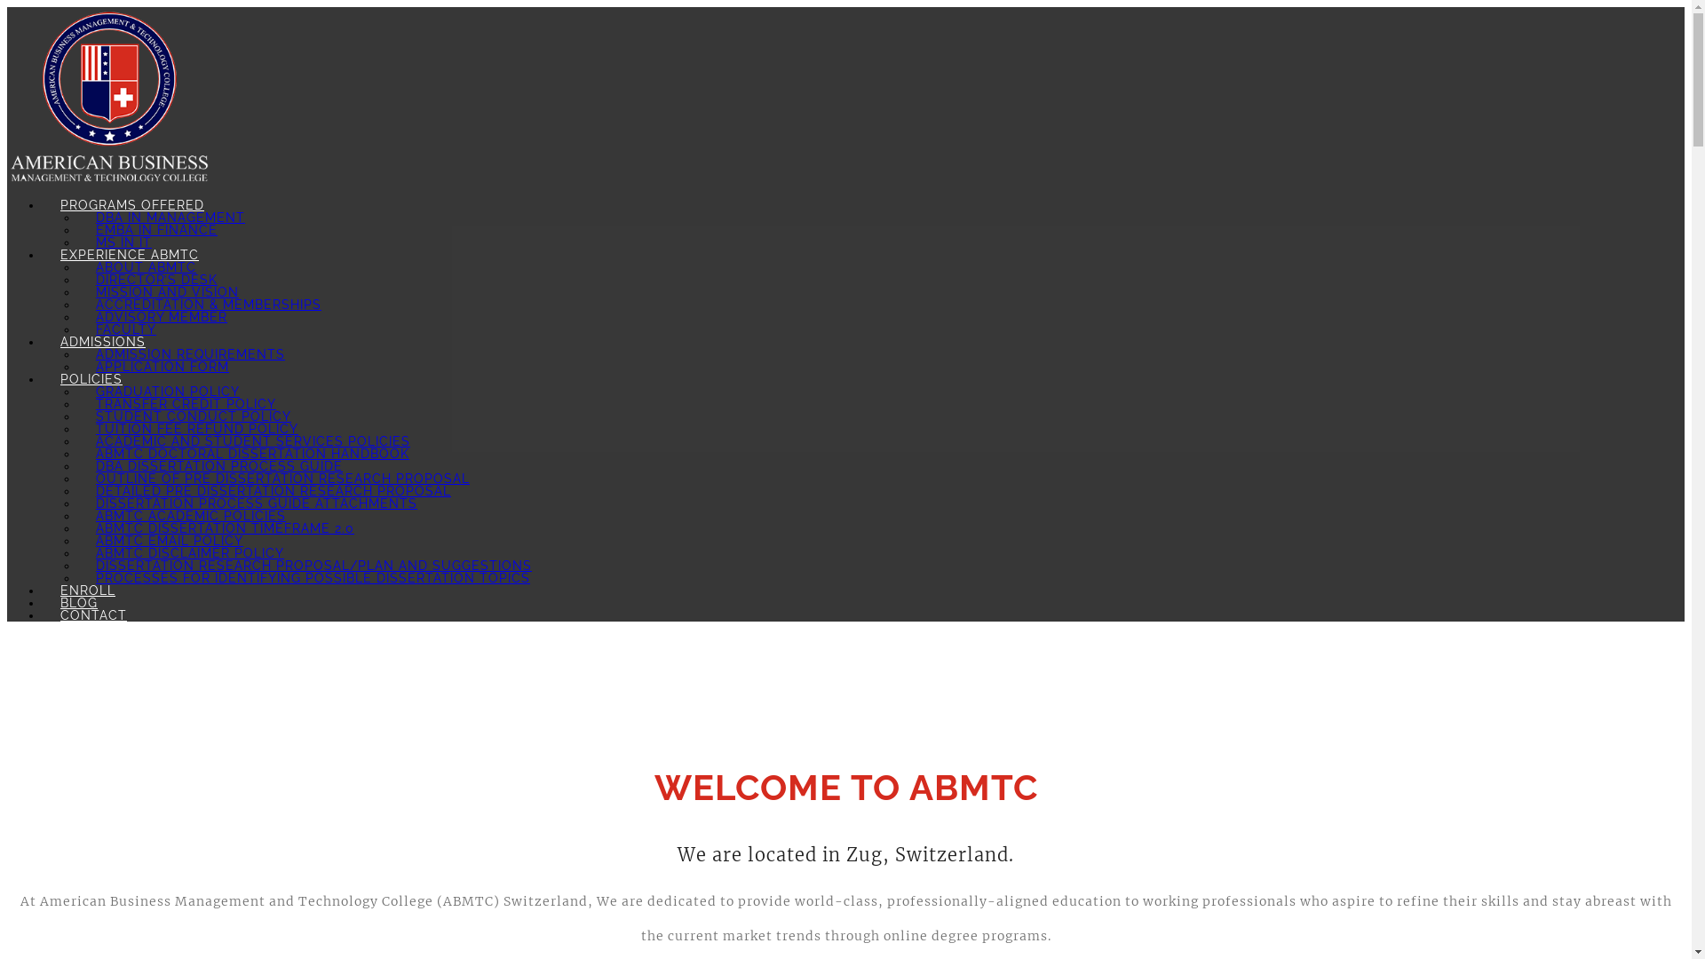 Image resolution: width=1705 pixels, height=959 pixels. I want to click on 'APPLICATION FORM', so click(162, 365).